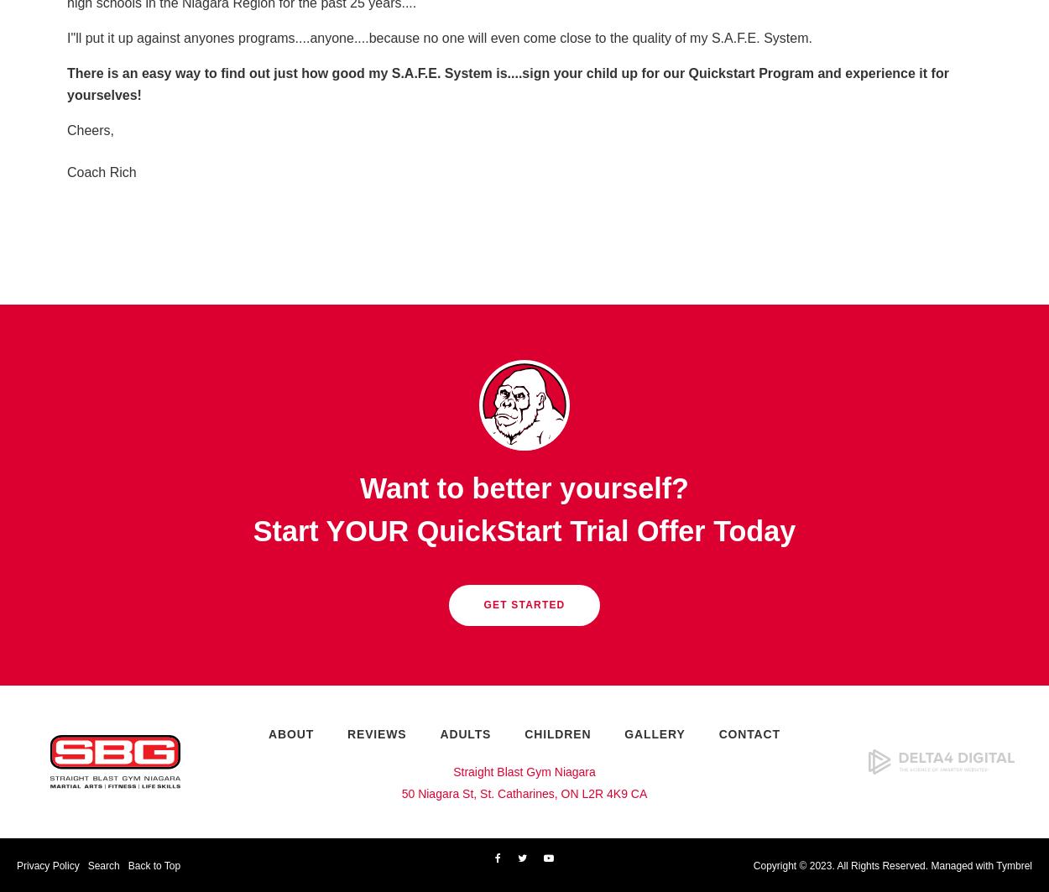 This screenshot has width=1049, height=892. Describe the element at coordinates (507, 84) in the screenshot. I see `'There is an easy way to find out just how good my S.A.F.E. System is....sign your child up for our Quickstart Program and experience it for yourselves!'` at that location.